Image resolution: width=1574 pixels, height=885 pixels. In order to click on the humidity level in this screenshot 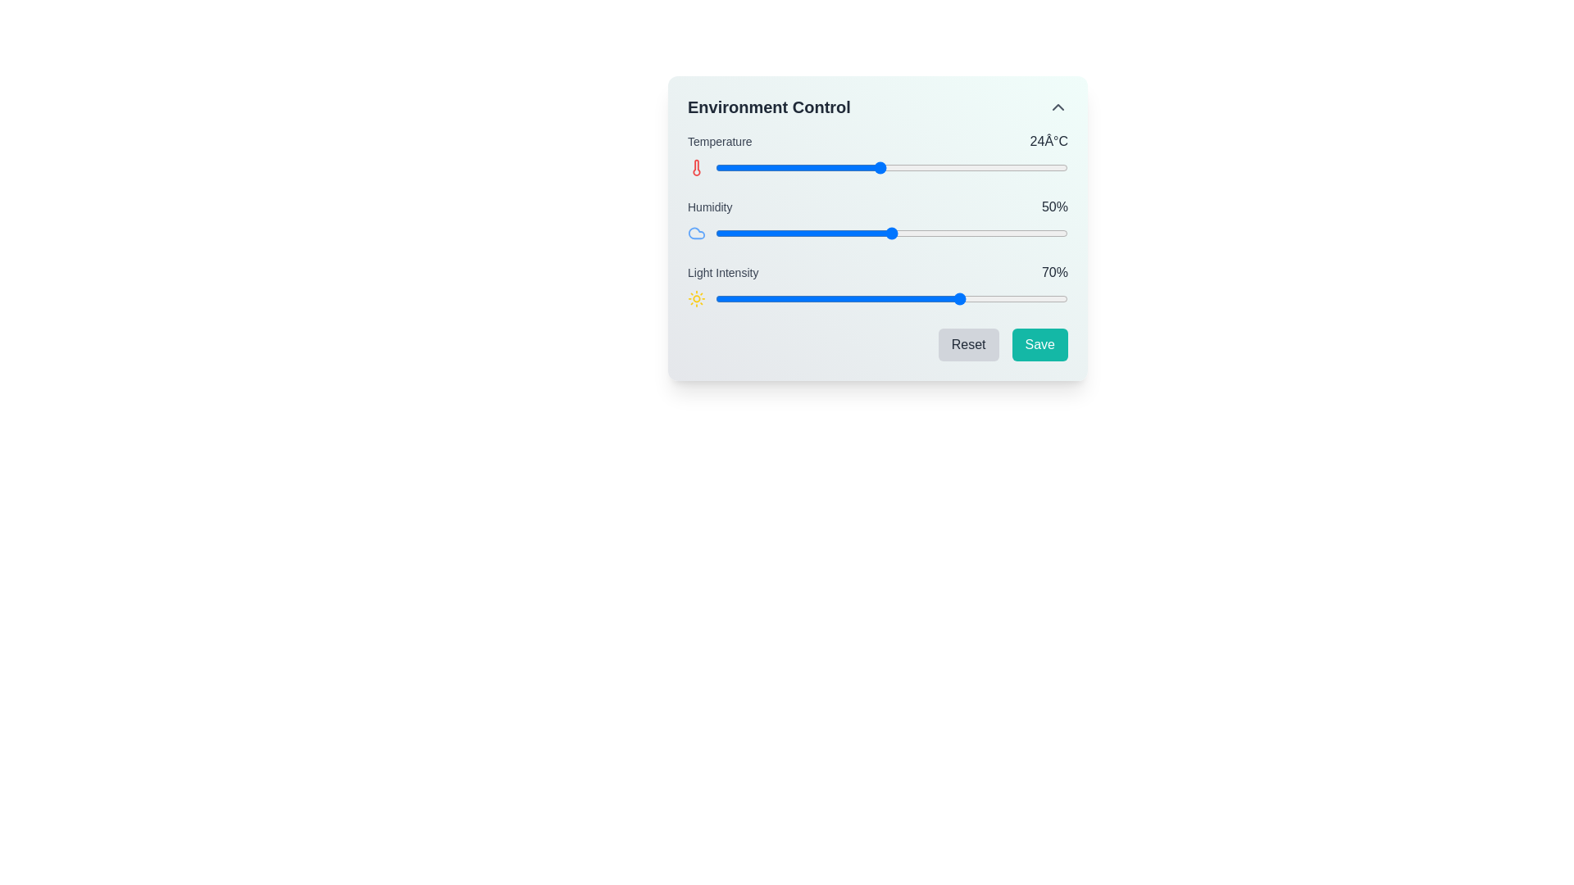, I will do `click(923, 234)`.